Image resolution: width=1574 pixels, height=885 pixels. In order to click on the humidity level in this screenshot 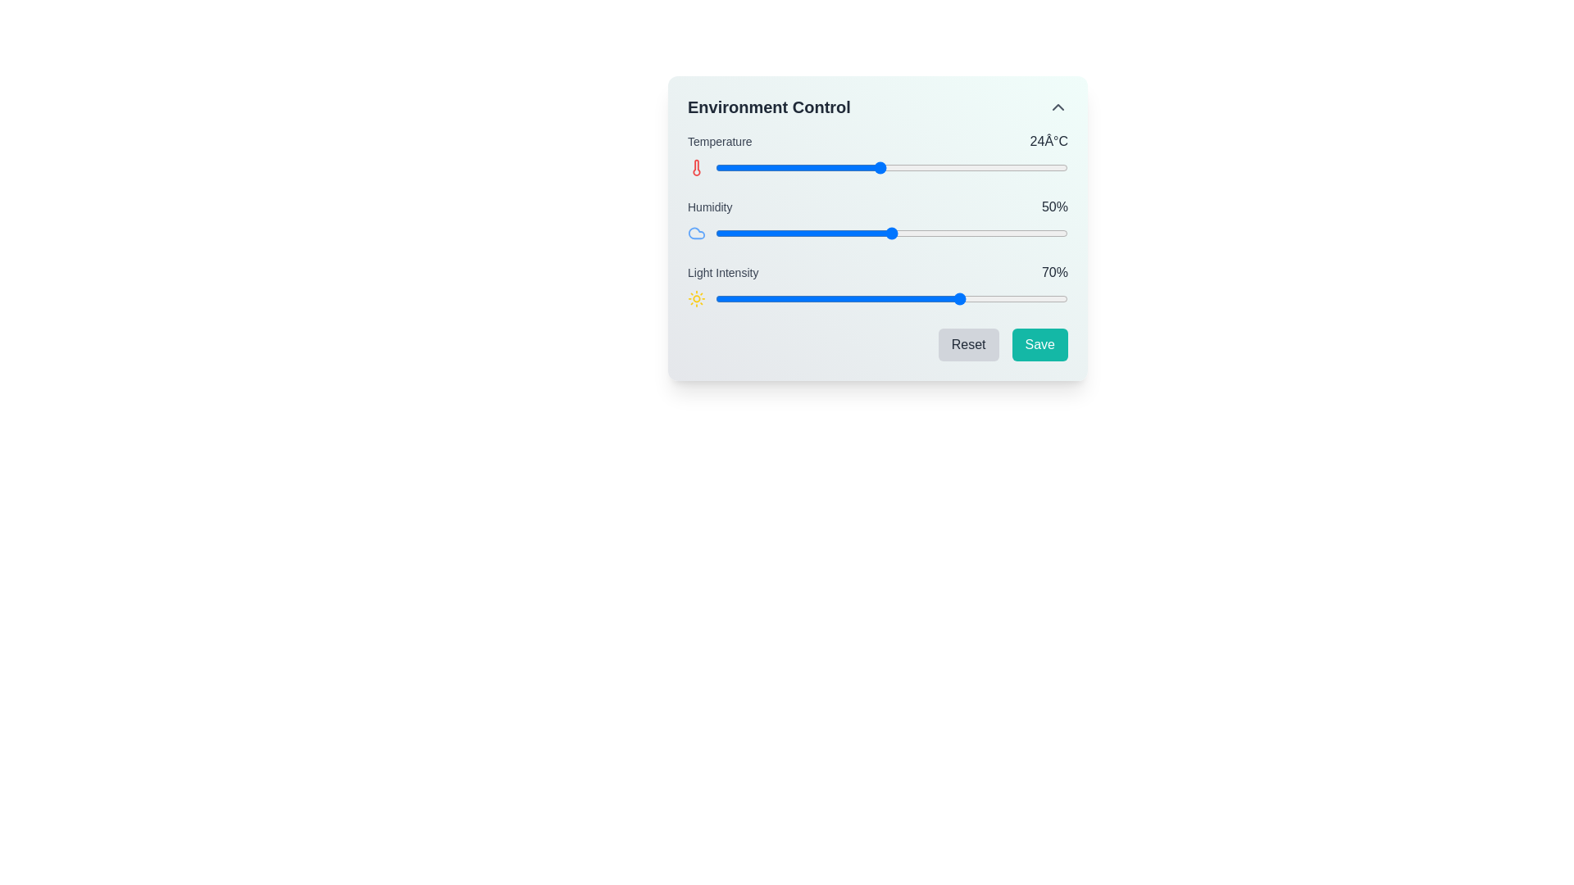, I will do `click(923, 234)`.